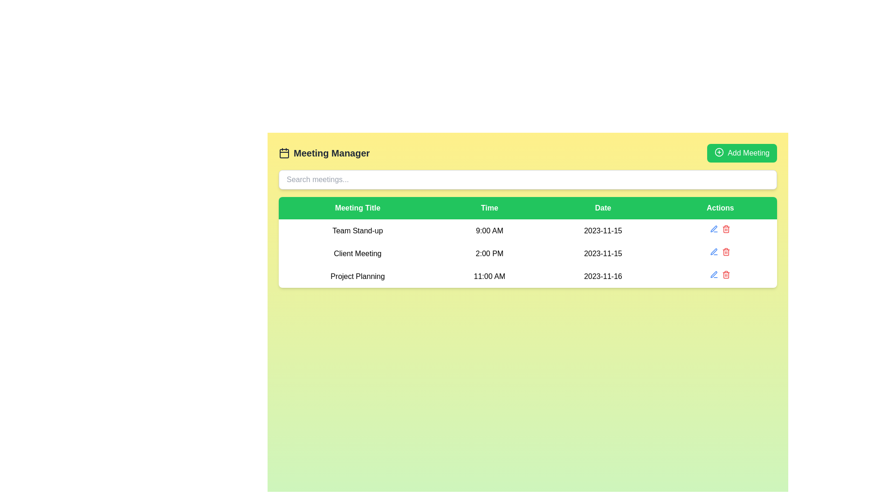 The image size is (895, 503). I want to click on the editing icon in the 'Actions' column of the third row for the 'Project Planning' entry, so click(713, 251).